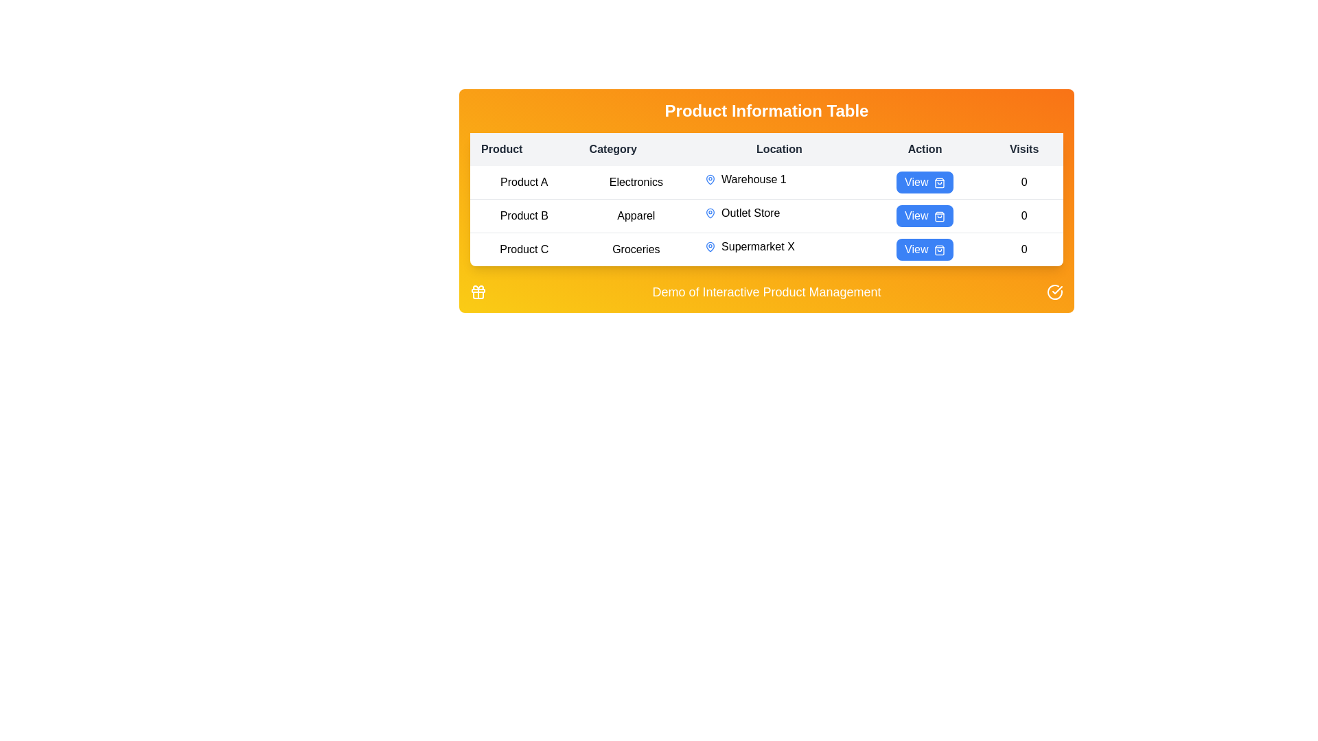 Image resolution: width=1318 pixels, height=741 pixels. I want to click on the button in the third row of the action column for 'Product C', so click(925, 249).